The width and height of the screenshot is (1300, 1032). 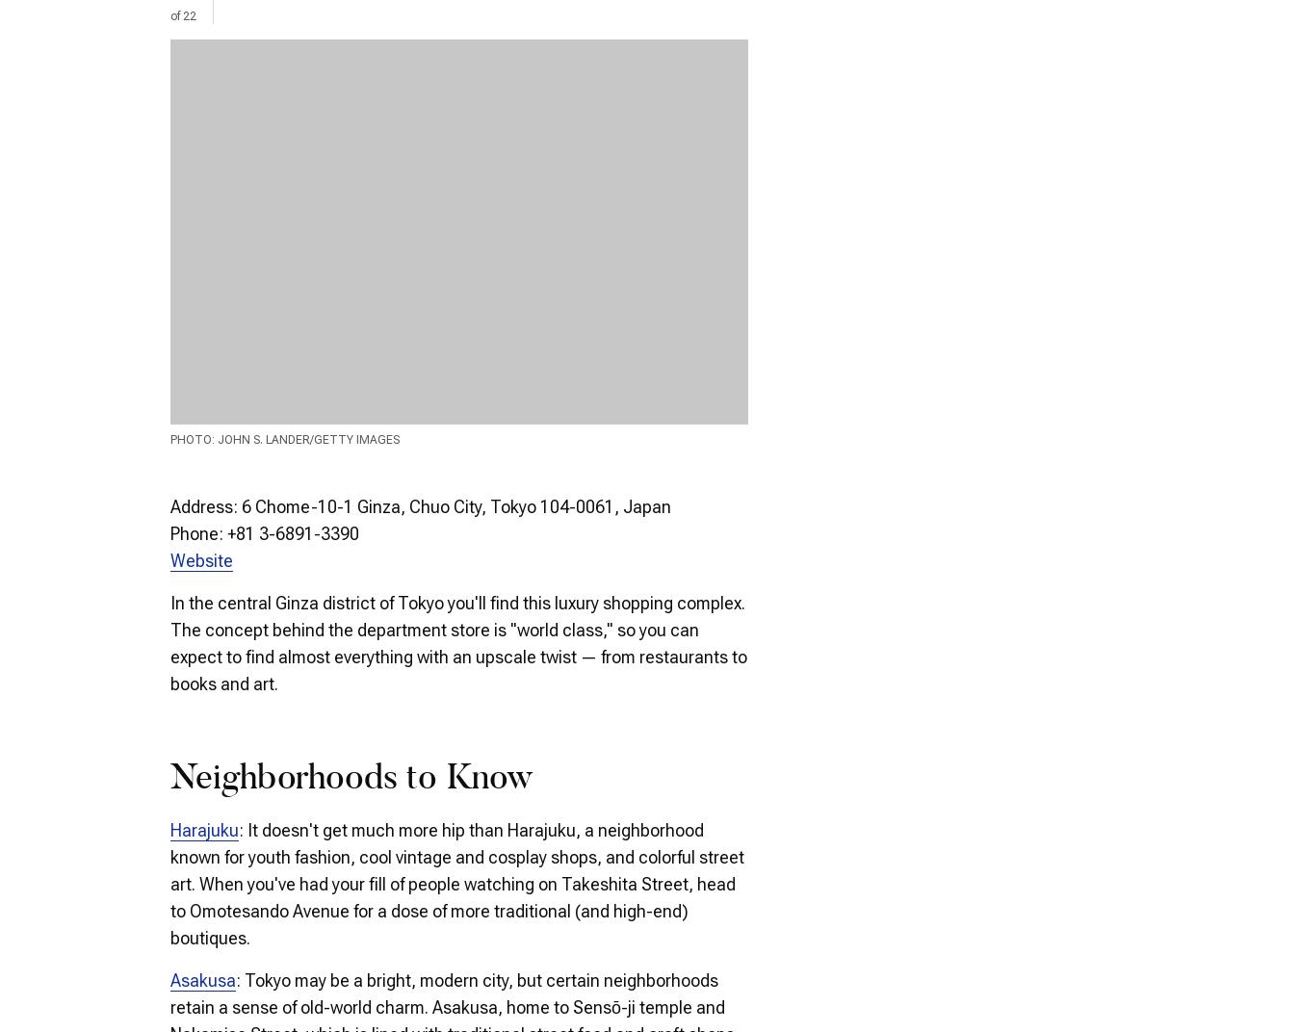 What do you see at coordinates (263, 531) in the screenshot?
I see `'Phone: +81 3-6891-3390'` at bounding box center [263, 531].